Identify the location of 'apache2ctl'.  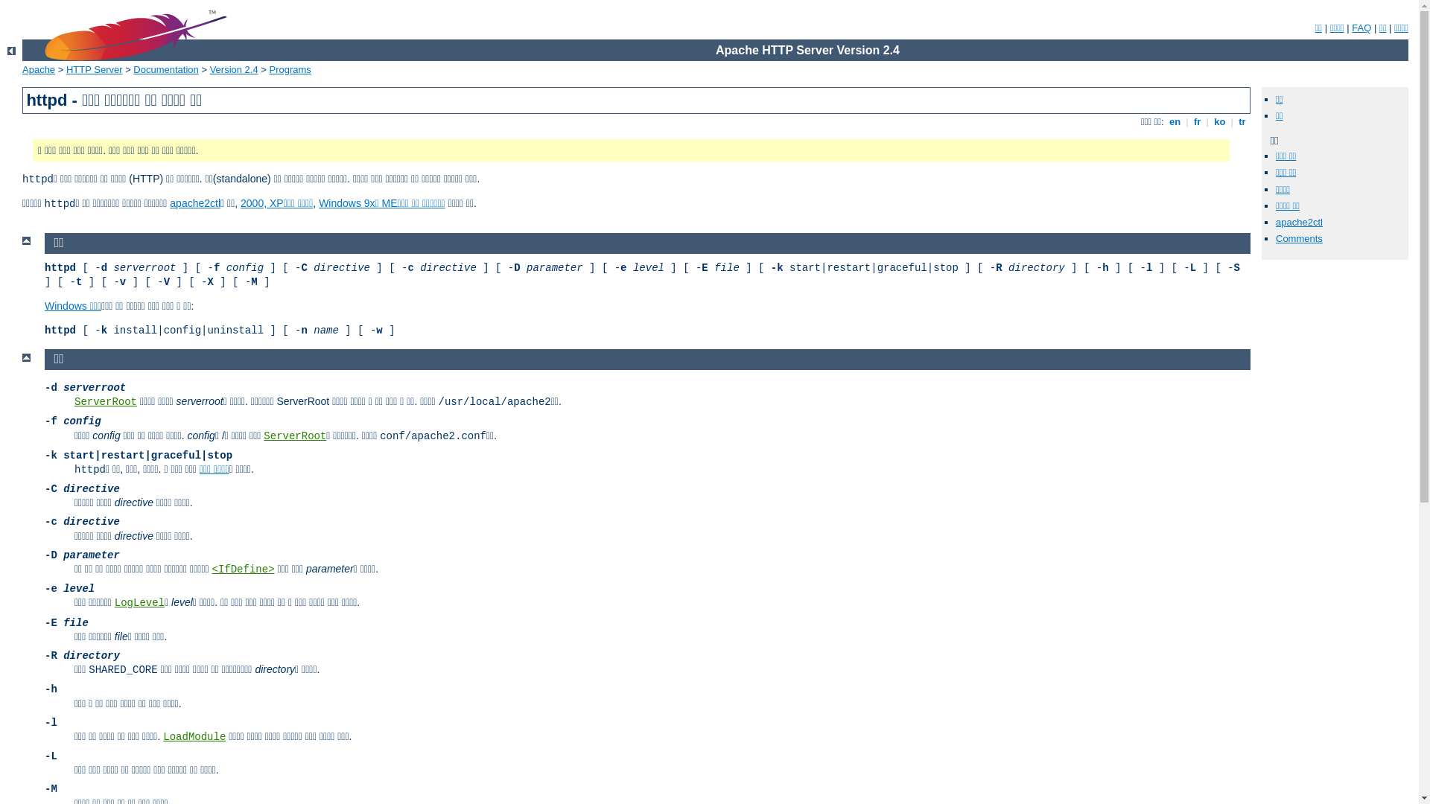
(1298, 222).